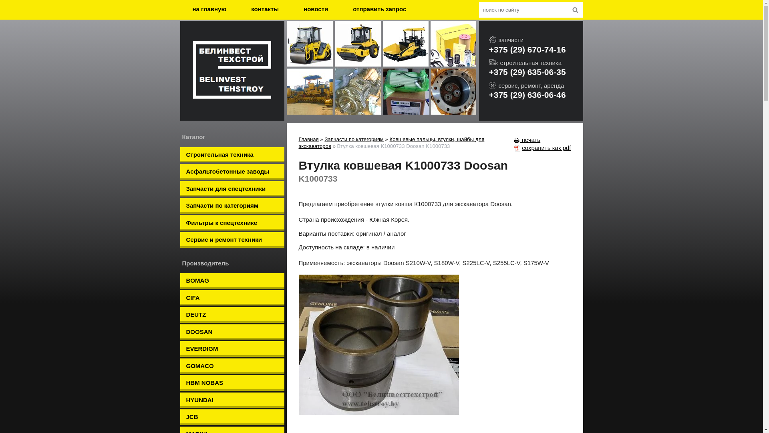 Image resolution: width=769 pixels, height=433 pixels. I want to click on '+375 (29) 670-74-16', so click(535, 49).